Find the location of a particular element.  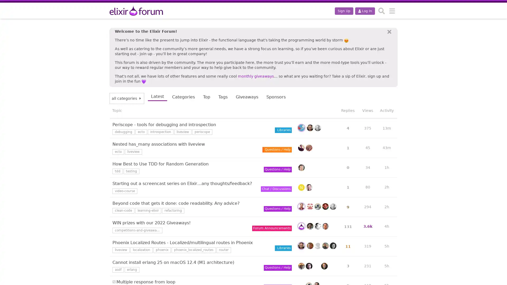

This topic has 0 replies is located at coordinates (251, 78).